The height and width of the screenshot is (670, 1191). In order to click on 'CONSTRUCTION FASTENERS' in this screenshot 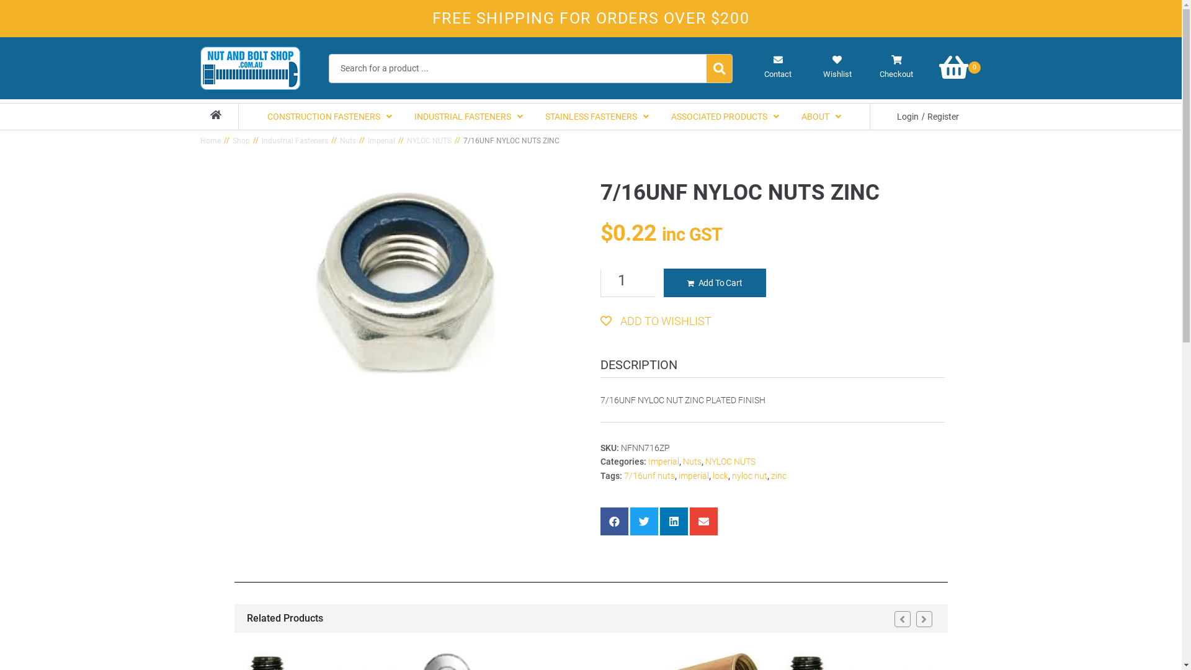, I will do `click(329, 117)`.